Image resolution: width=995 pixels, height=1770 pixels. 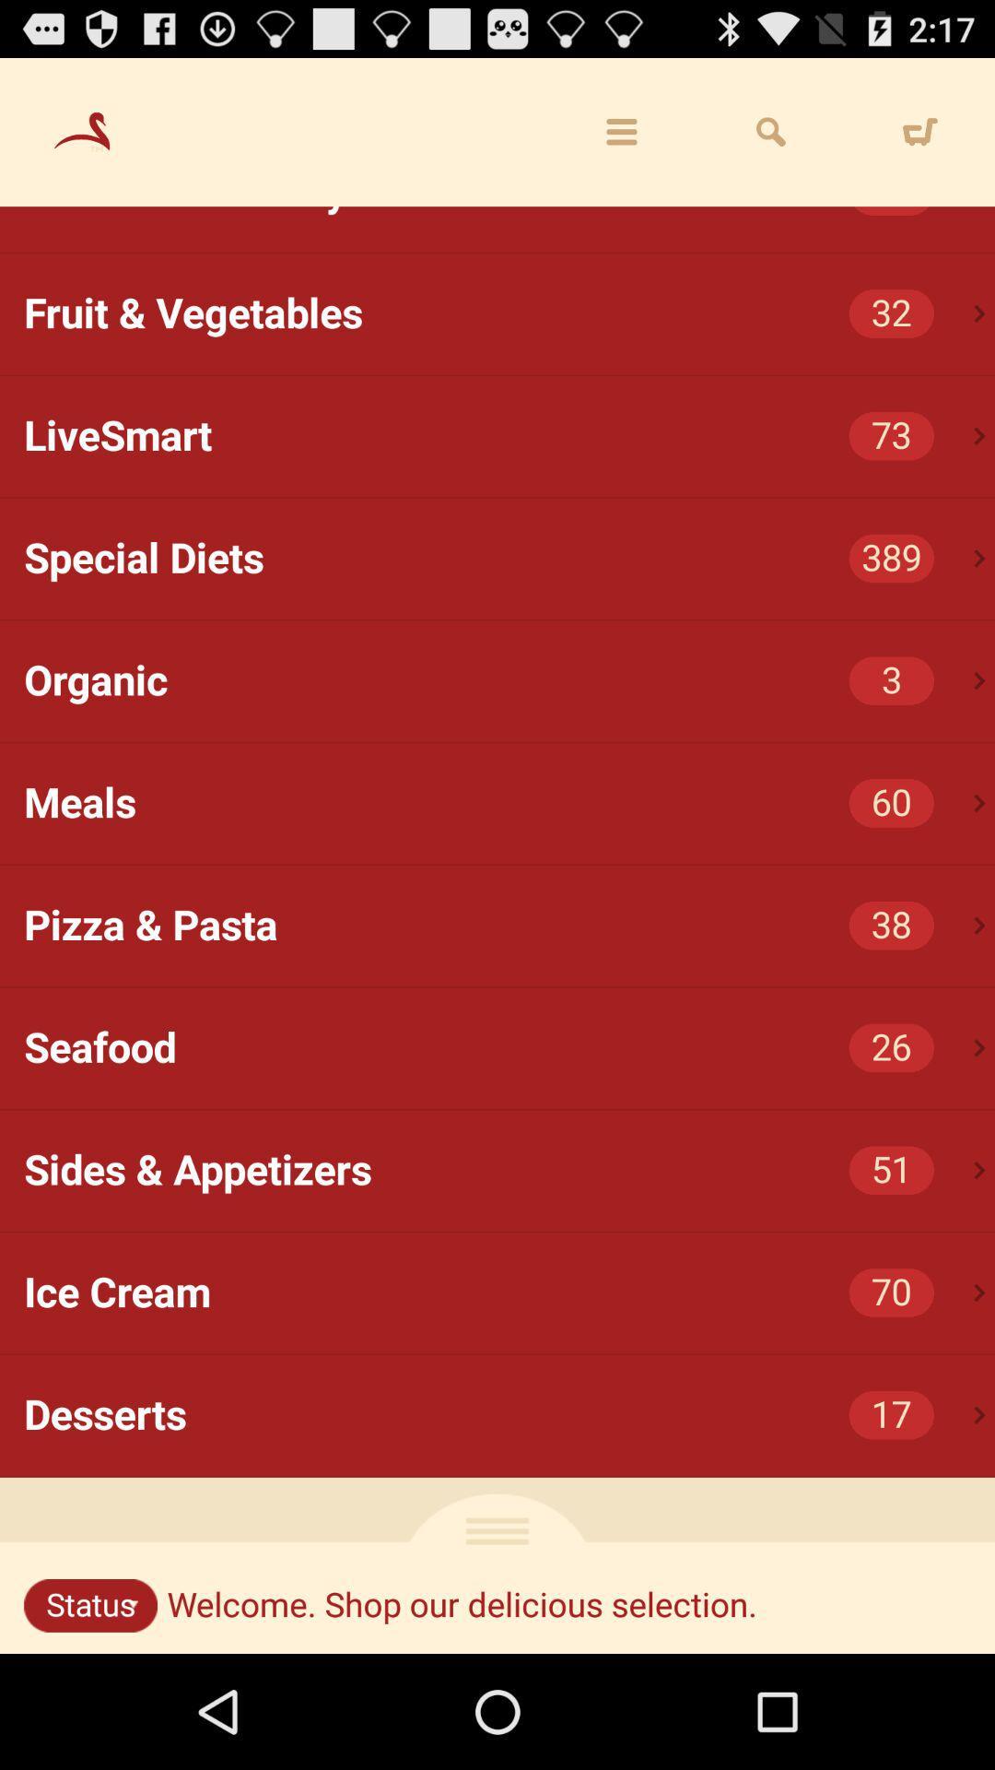 What do you see at coordinates (509, 680) in the screenshot?
I see `organic icon` at bounding box center [509, 680].